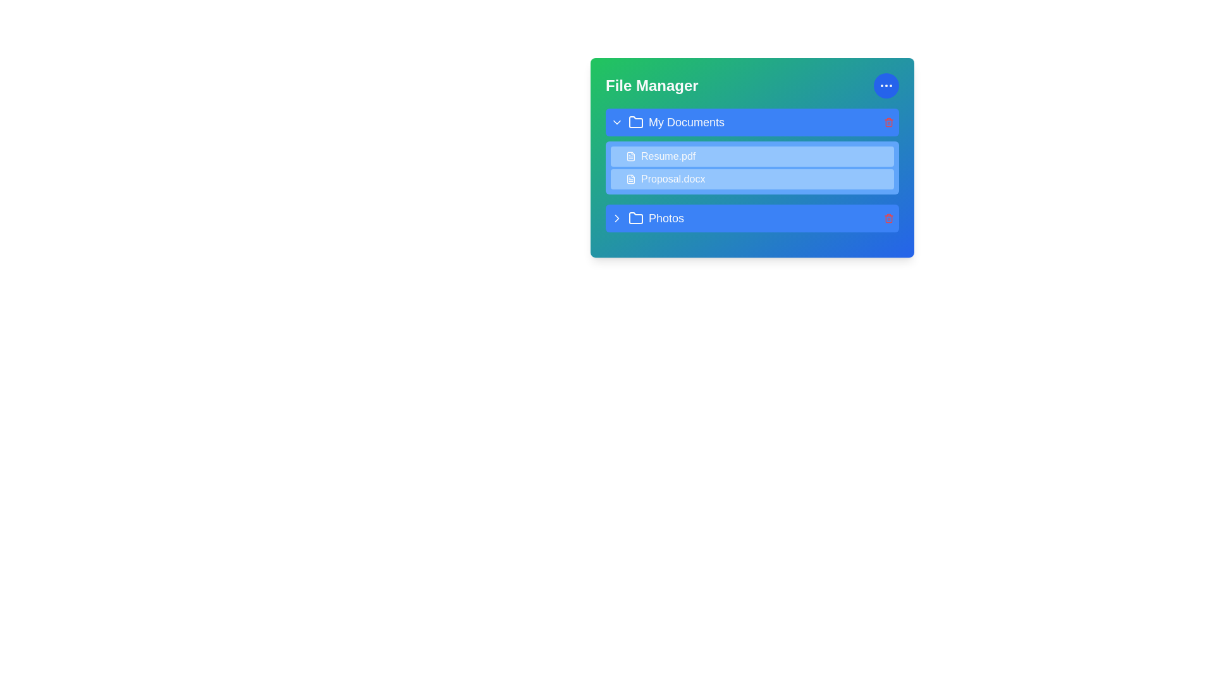  I want to click on the 'My Documents' button located at the top of the list in the file manager interface to trigger a color change, so click(752, 122).